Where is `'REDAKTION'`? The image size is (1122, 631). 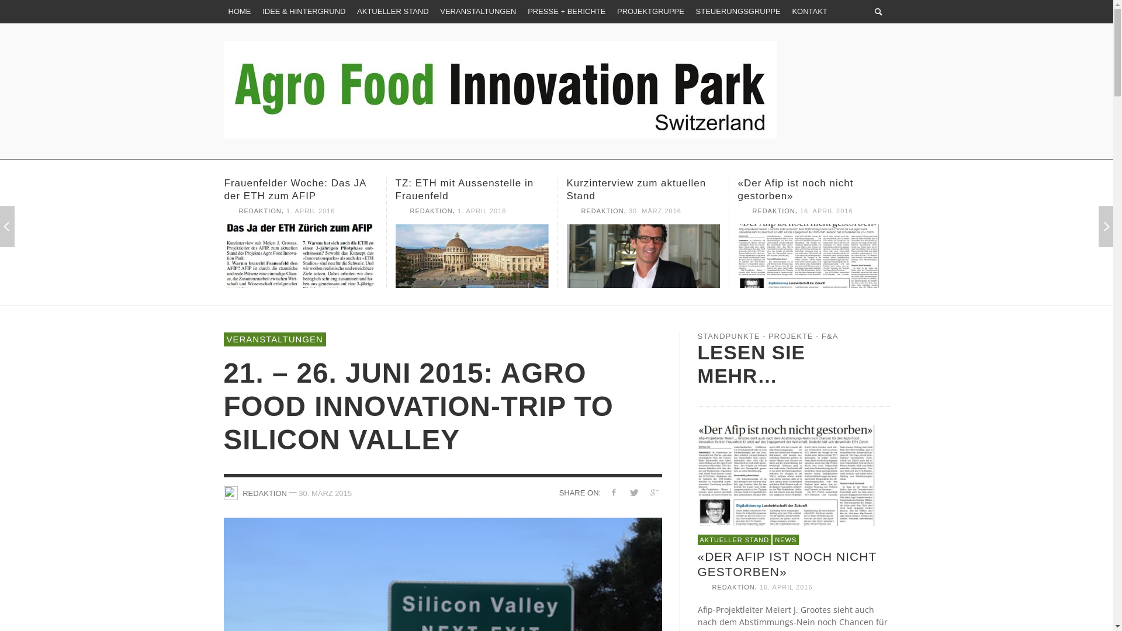 'REDAKTION' is located at coordinates (241, 493).